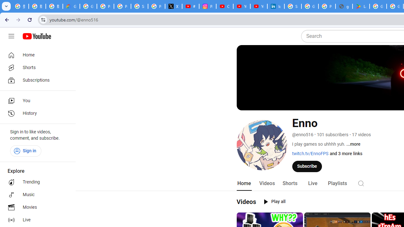 This screenshot has height=227, width=404. I want to click on 'and 3 more links', so click(346, 154).